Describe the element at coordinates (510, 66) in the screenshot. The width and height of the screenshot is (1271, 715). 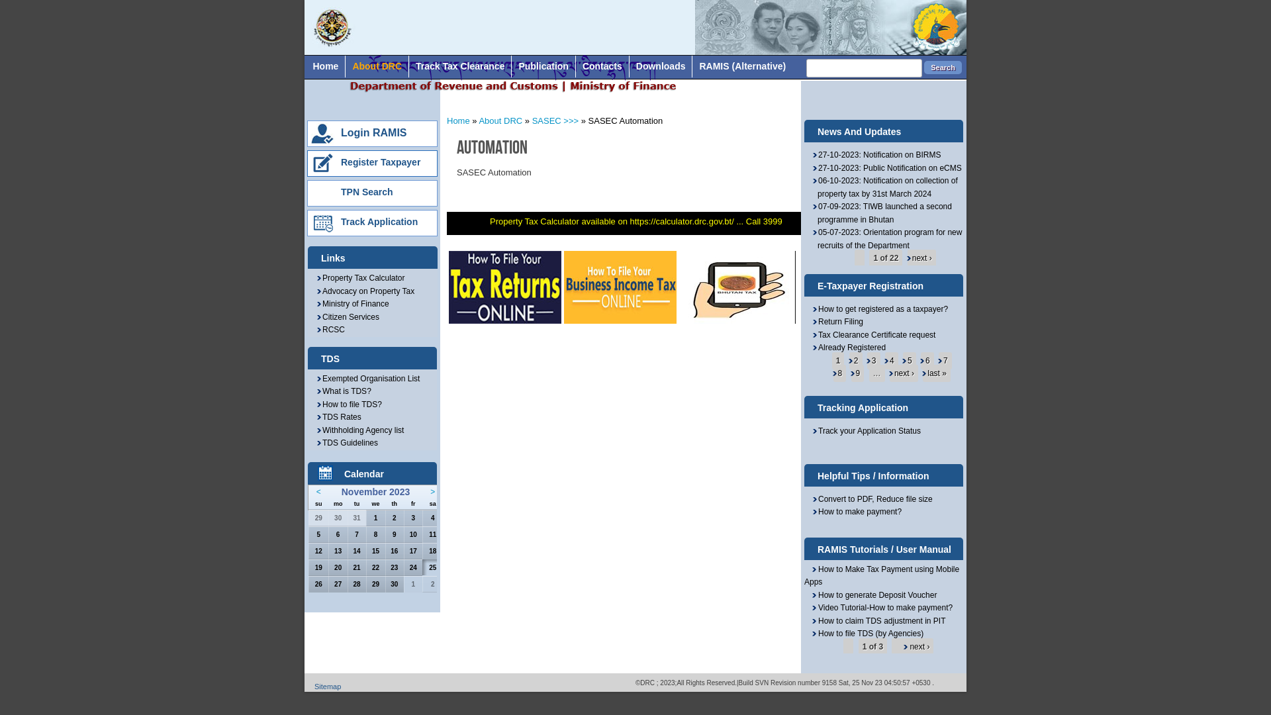
I see `'Publication'` at that location.